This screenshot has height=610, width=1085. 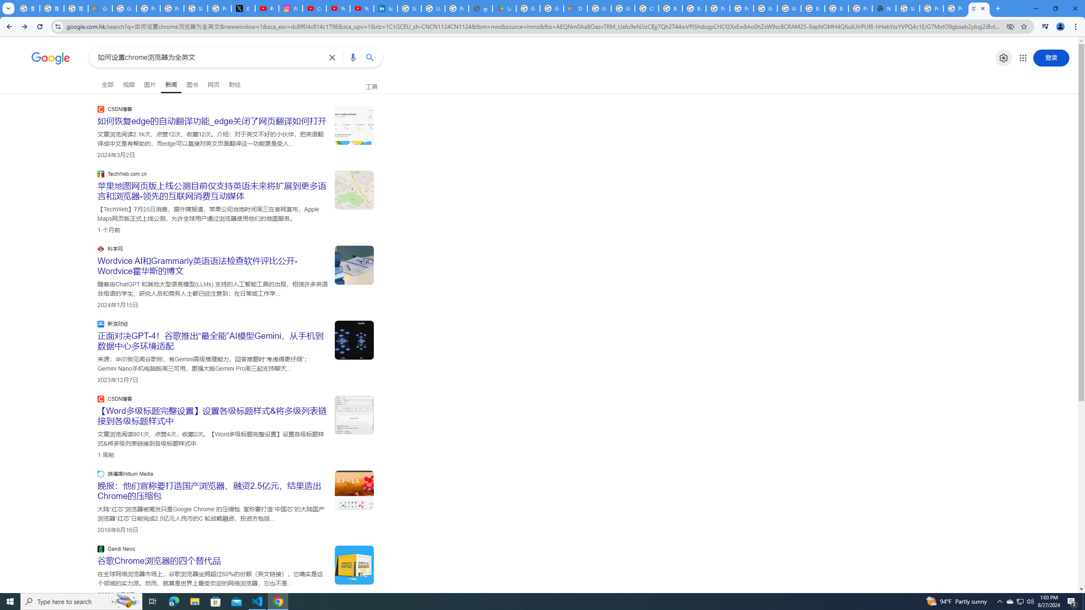 What do you see at coordinates (361, 8) in the screenshot?
I see `'YouTube Culture & Trends - YouTube Top 10, 2021'` at bounding box center [361, 8].